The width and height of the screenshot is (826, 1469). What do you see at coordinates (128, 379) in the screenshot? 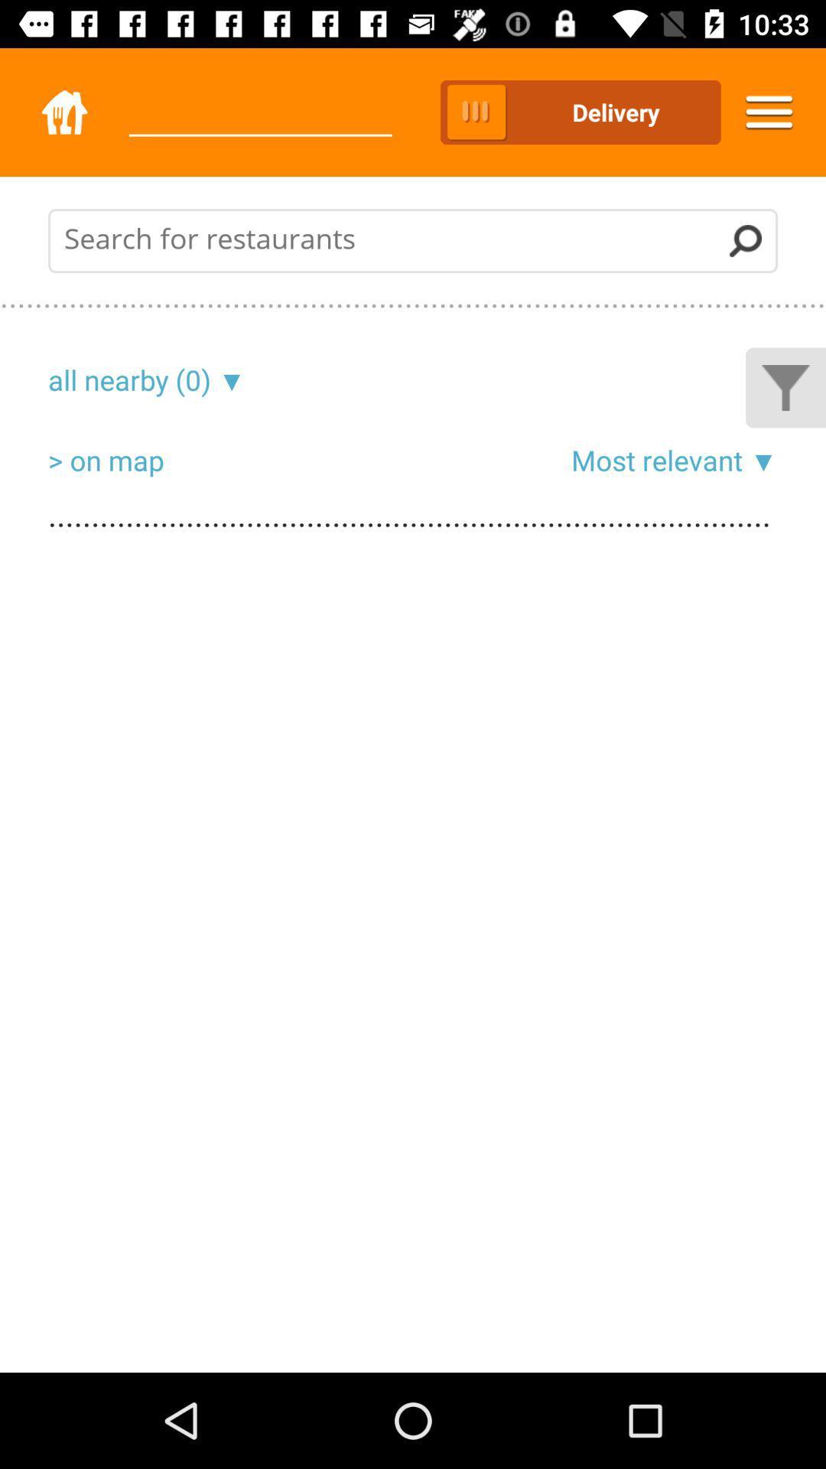
I see `the icon above the > on map icon` at bounding box center [128, 379].